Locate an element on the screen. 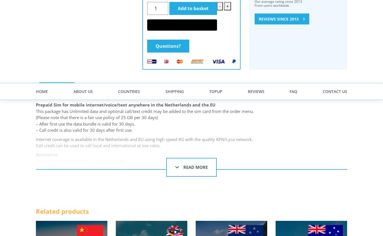 The height and width of the screenshot is (236, 383). 'Contact us' is located at coordinates (52, 114).